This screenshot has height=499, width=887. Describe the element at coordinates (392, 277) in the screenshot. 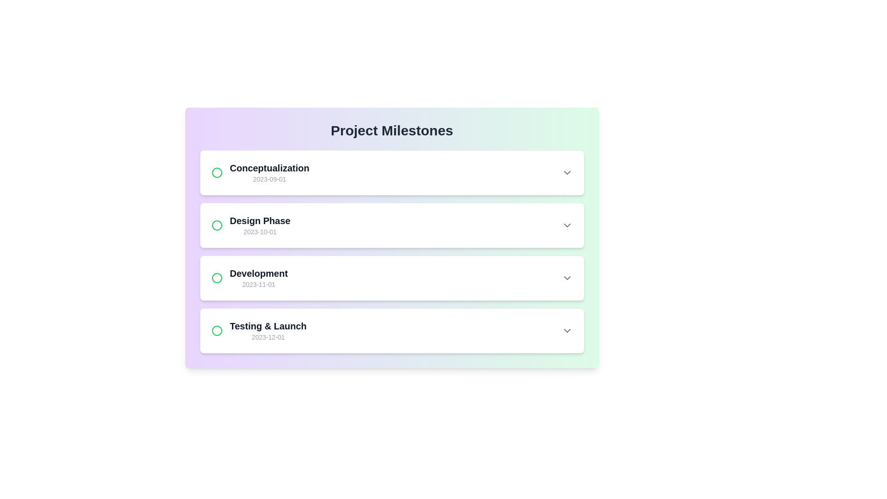

I see `the 'Development' milestone card in the project timeline` at that location.